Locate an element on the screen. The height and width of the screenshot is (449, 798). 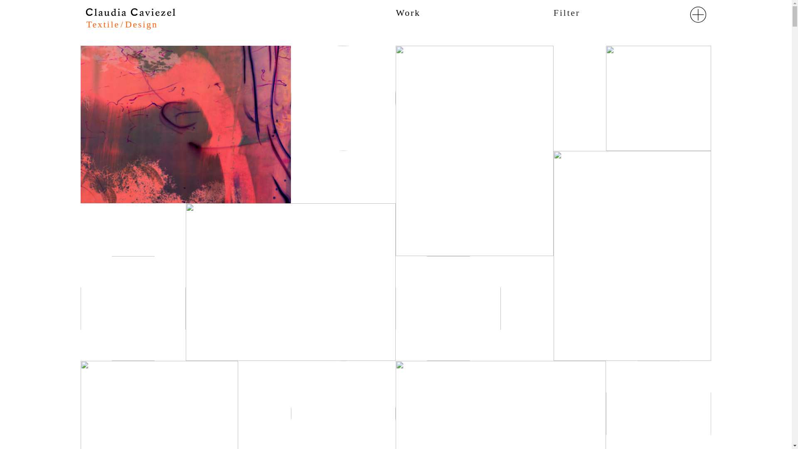
'Filter' is located at coordinates (566, 13).